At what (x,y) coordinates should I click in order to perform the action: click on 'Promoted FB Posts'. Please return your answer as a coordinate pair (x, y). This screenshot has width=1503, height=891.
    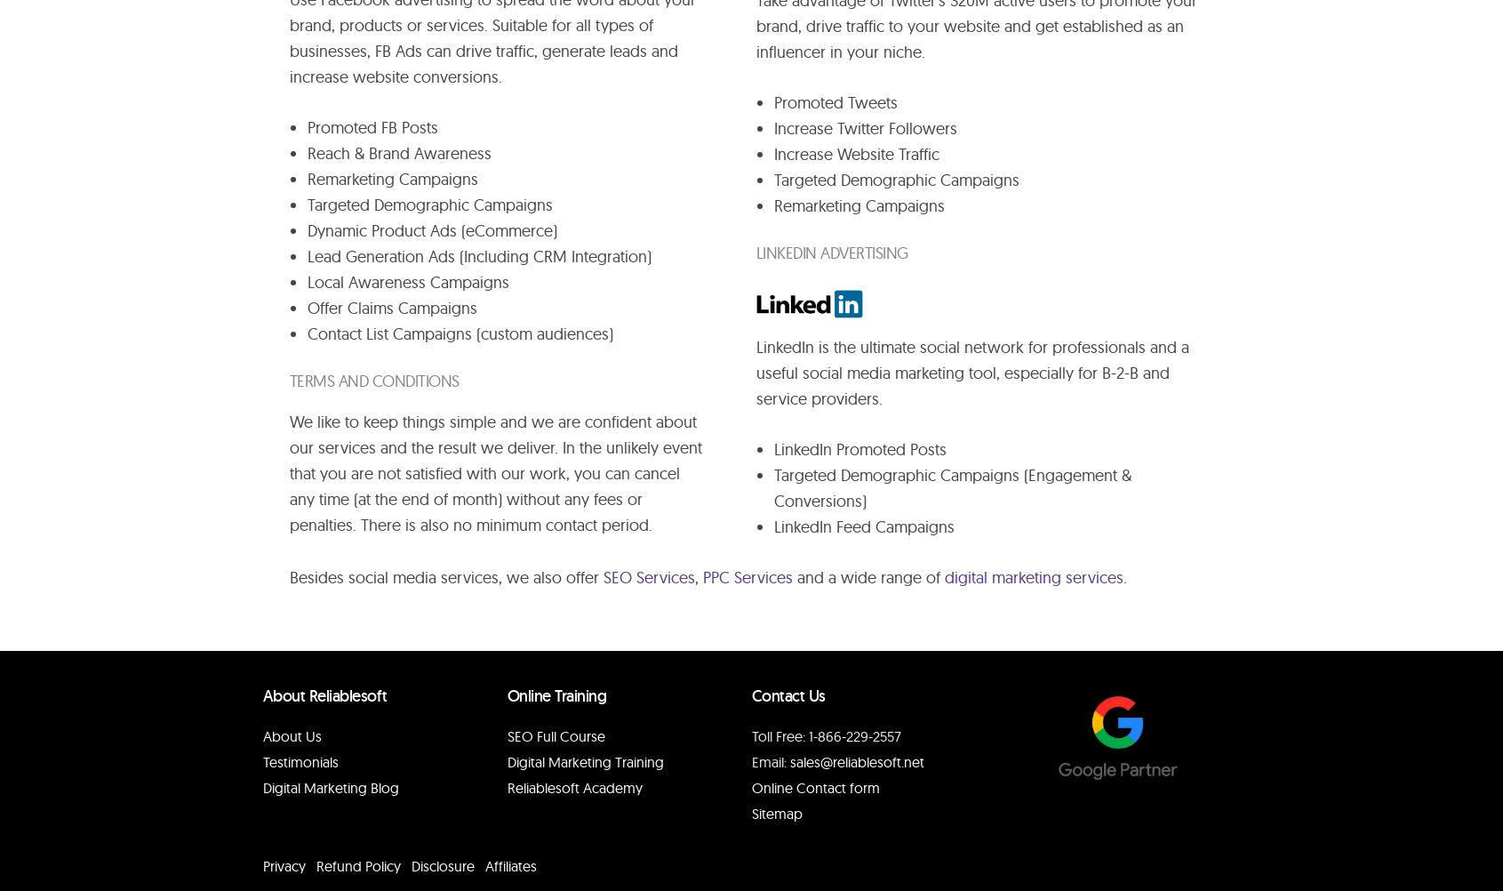
    Looking at the image, I should click on (372, 126).